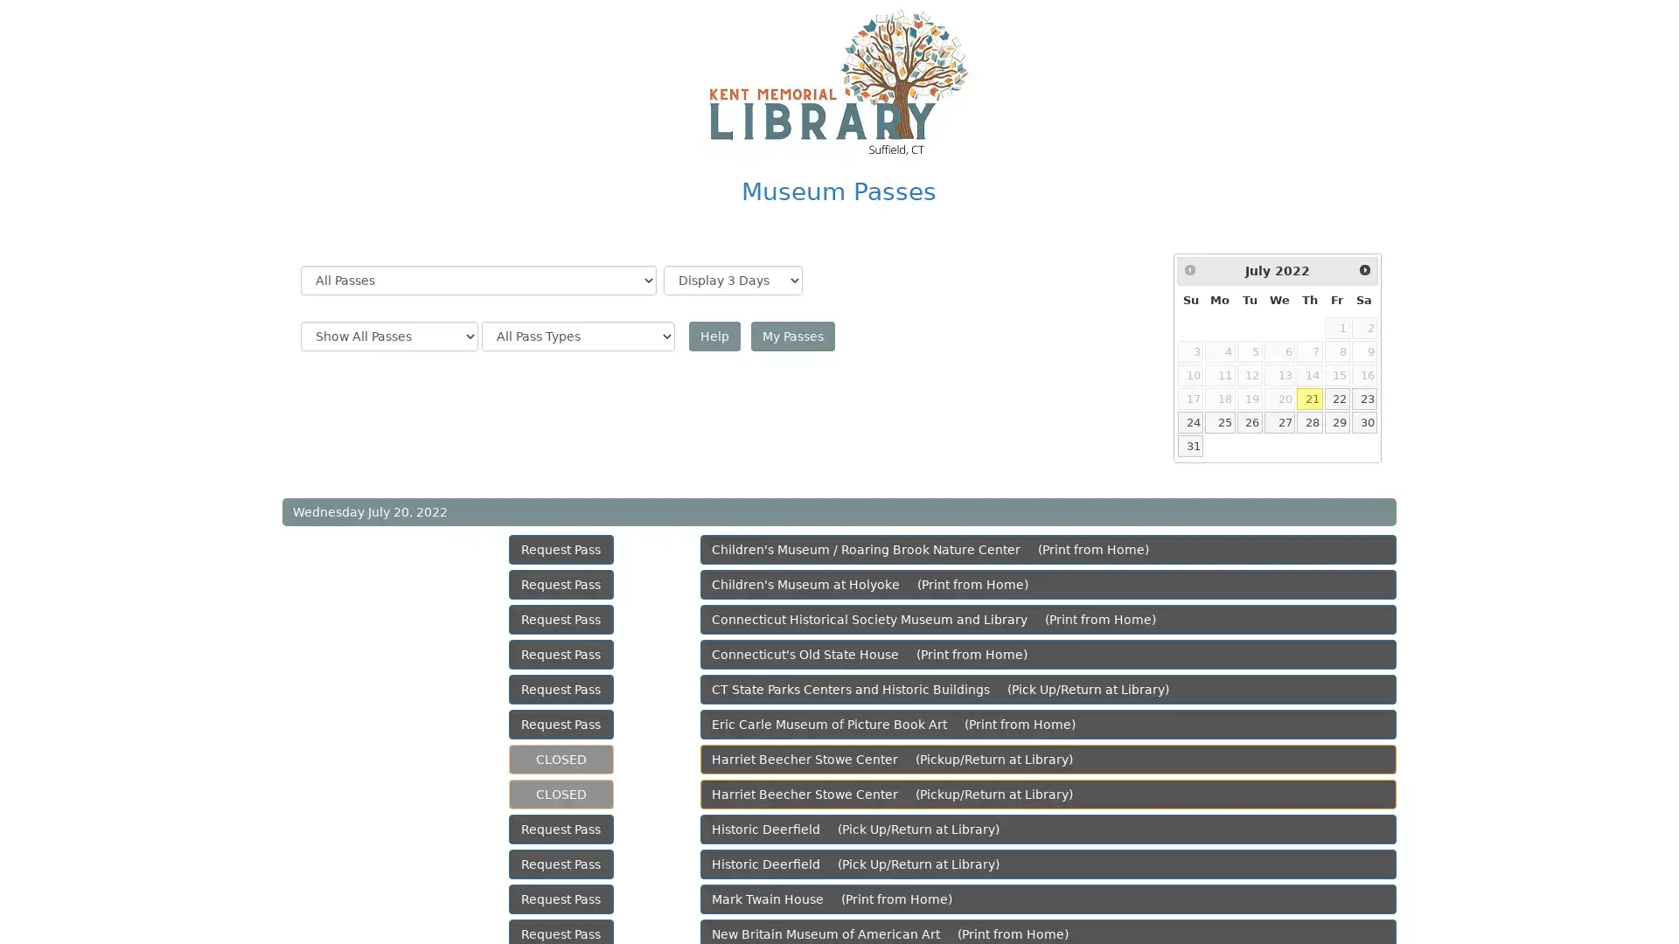 Image resolution: width=1679 pixels, height=944 pixels. What do you see at coordinates (561, 548) in the screenshot?
I see `Request Pass` at bounding box center [561, 548].